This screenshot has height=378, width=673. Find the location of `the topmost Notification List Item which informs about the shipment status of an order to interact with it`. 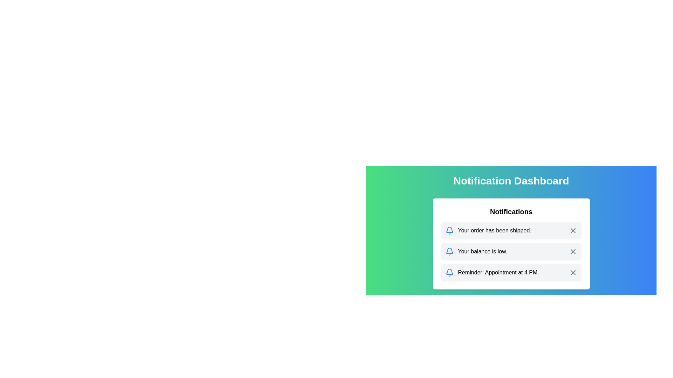

the topmost Notification List Item which informs about the shipment status of an order to interact with it is located at coordinates (488, 231).